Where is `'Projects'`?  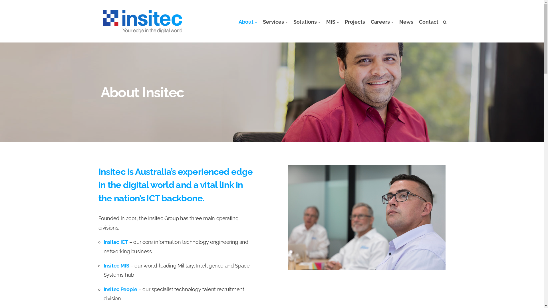
'Projects' is located at coordinates (354, 22).